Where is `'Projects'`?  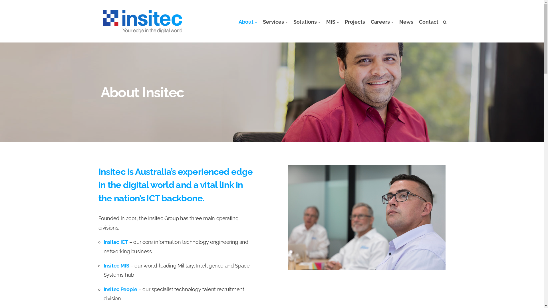
'Projects' is located at coordinates (354, 22).